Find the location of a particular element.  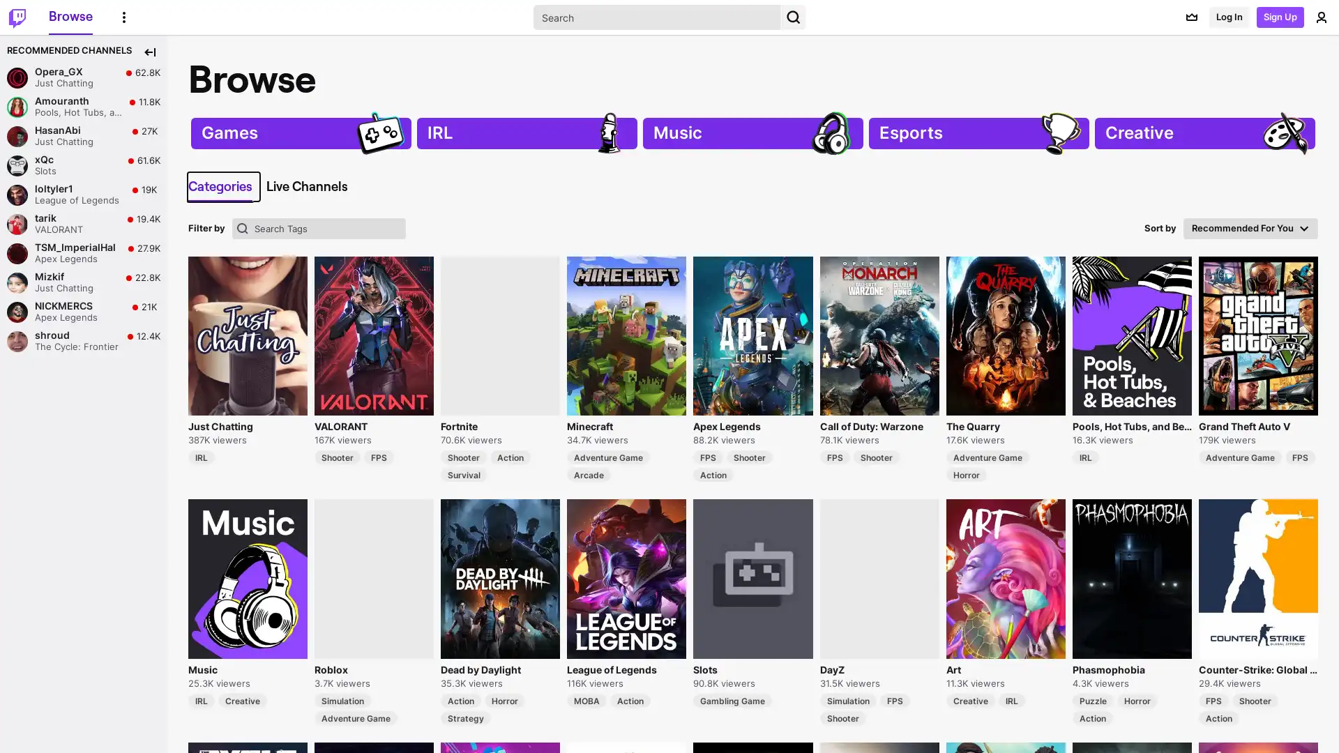

Action is located at coordinates (1218, 717).